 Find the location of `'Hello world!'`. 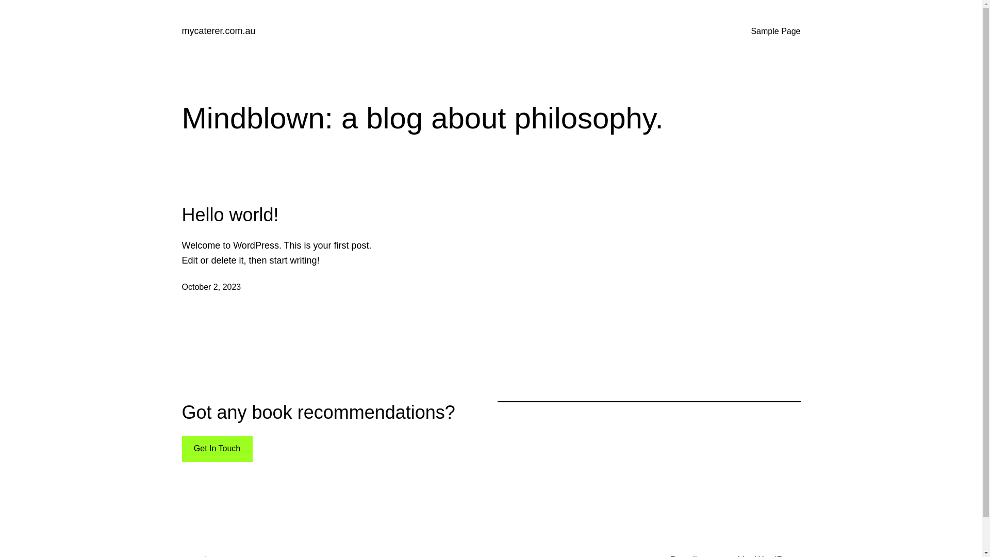

'Hello world!' is located at coordinates (229, 214).